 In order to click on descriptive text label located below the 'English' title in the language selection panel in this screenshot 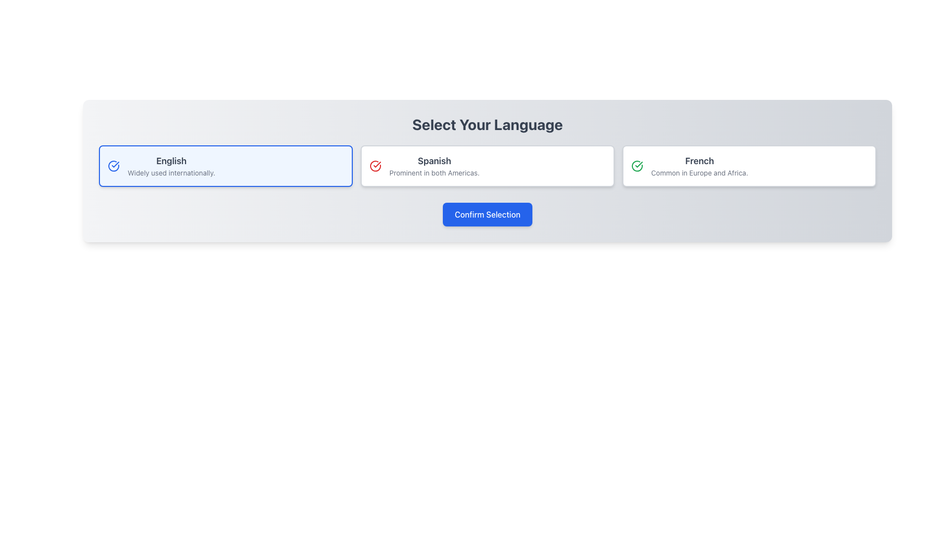, I will do `click(171, 173)`.